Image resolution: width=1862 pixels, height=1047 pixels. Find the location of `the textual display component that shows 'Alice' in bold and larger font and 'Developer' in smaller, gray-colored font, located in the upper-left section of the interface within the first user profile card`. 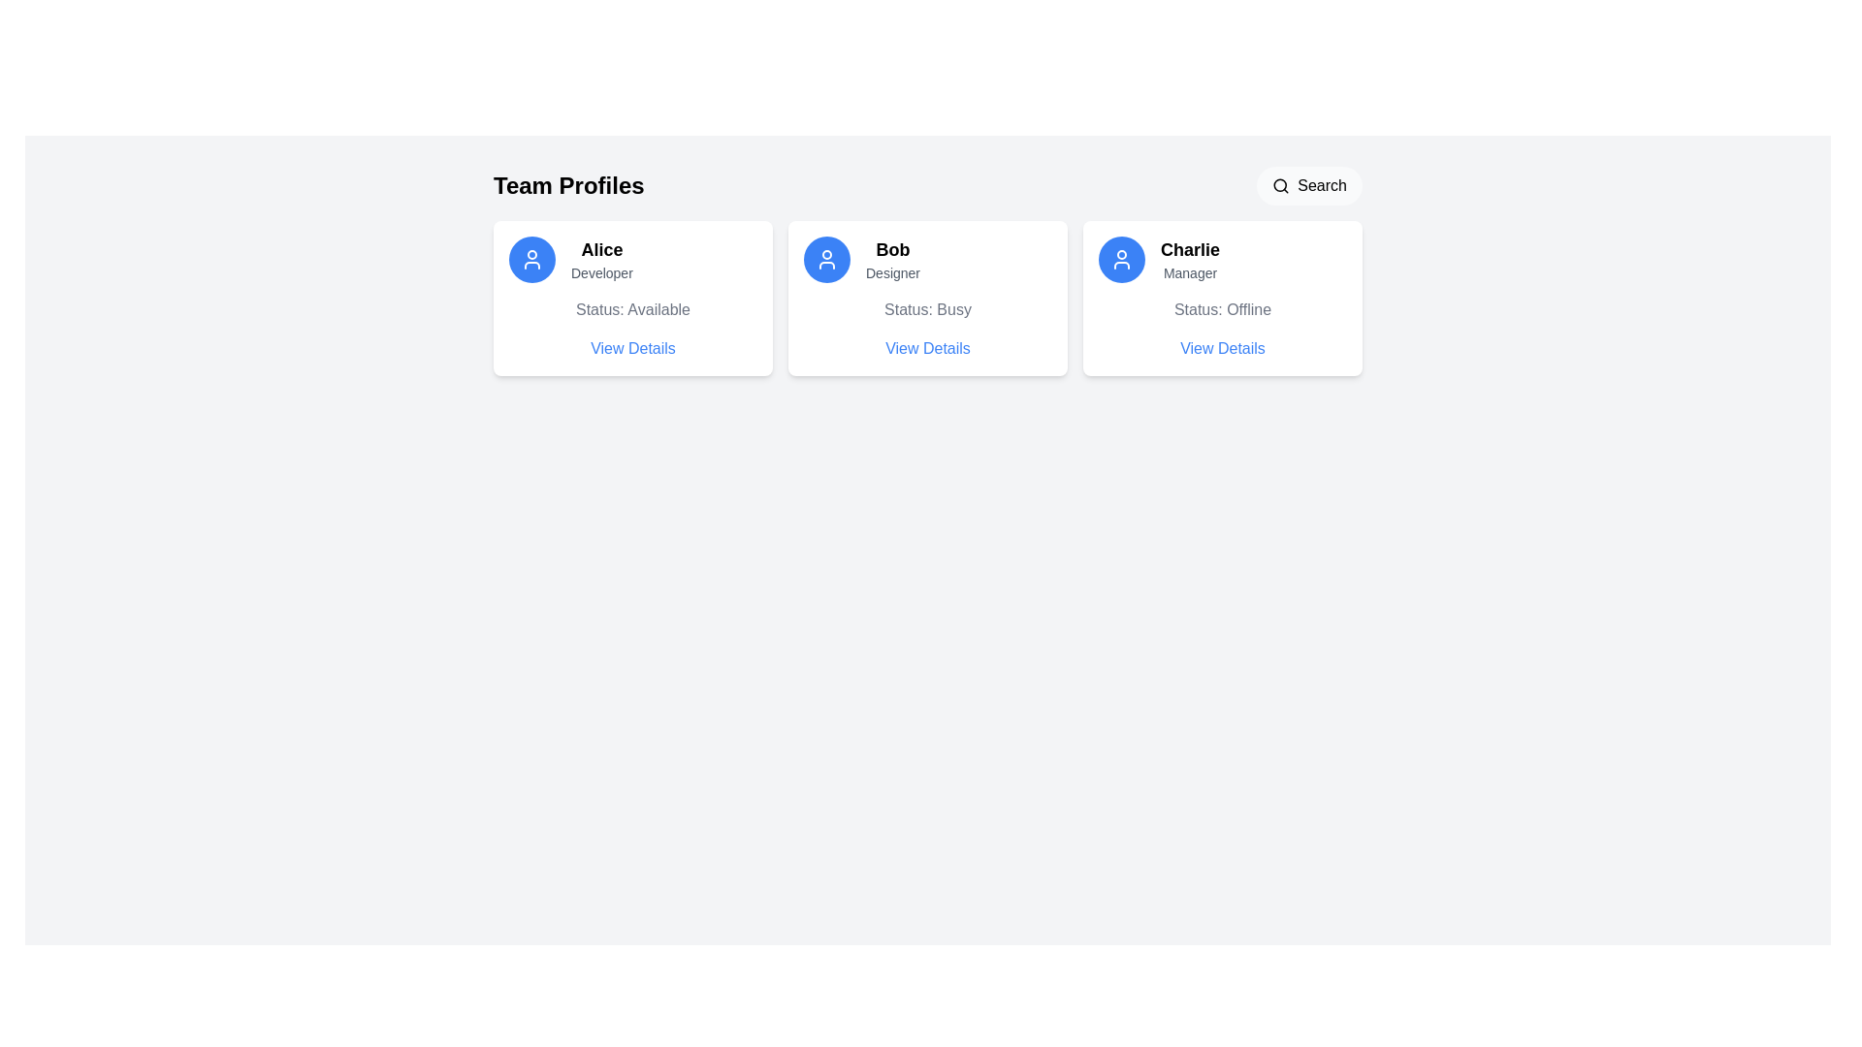

the textual display component that shows 'Alice' in bold and larger font and 'Developer' in smaller, gray-colored font, located in the upper-left section of the interface within the first user profile card is located at coordinates (600, 258).